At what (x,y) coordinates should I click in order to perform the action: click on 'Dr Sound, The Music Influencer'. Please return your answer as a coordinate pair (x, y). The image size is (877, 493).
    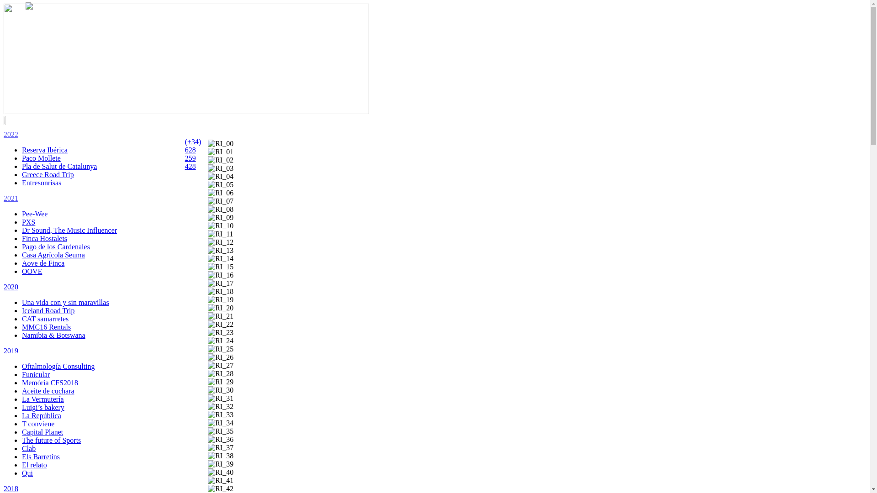
    Looking at the image, I should click on (69, 230).